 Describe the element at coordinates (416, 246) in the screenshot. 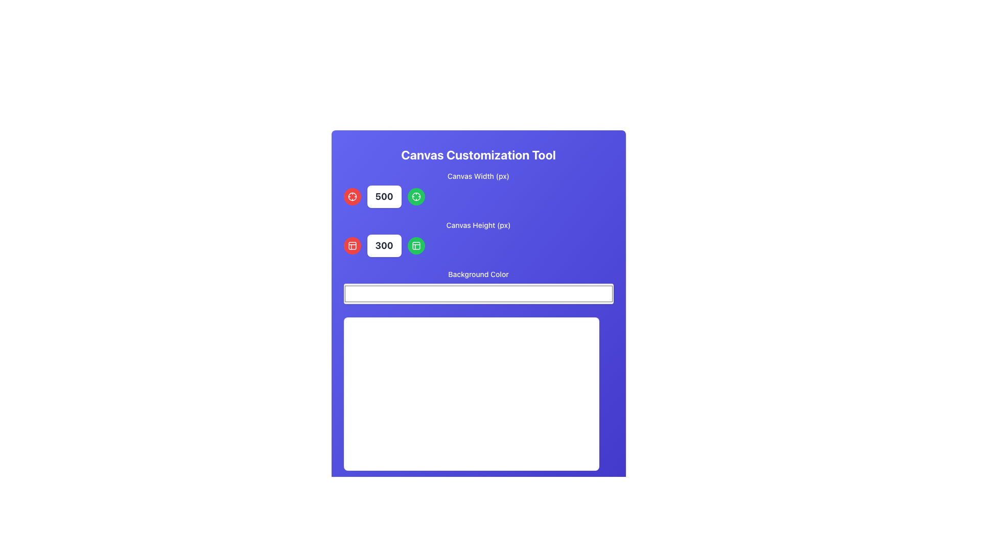

I see `the graphical icon component that is centrally positioned beside the numeric input field for canvas height` at that location.